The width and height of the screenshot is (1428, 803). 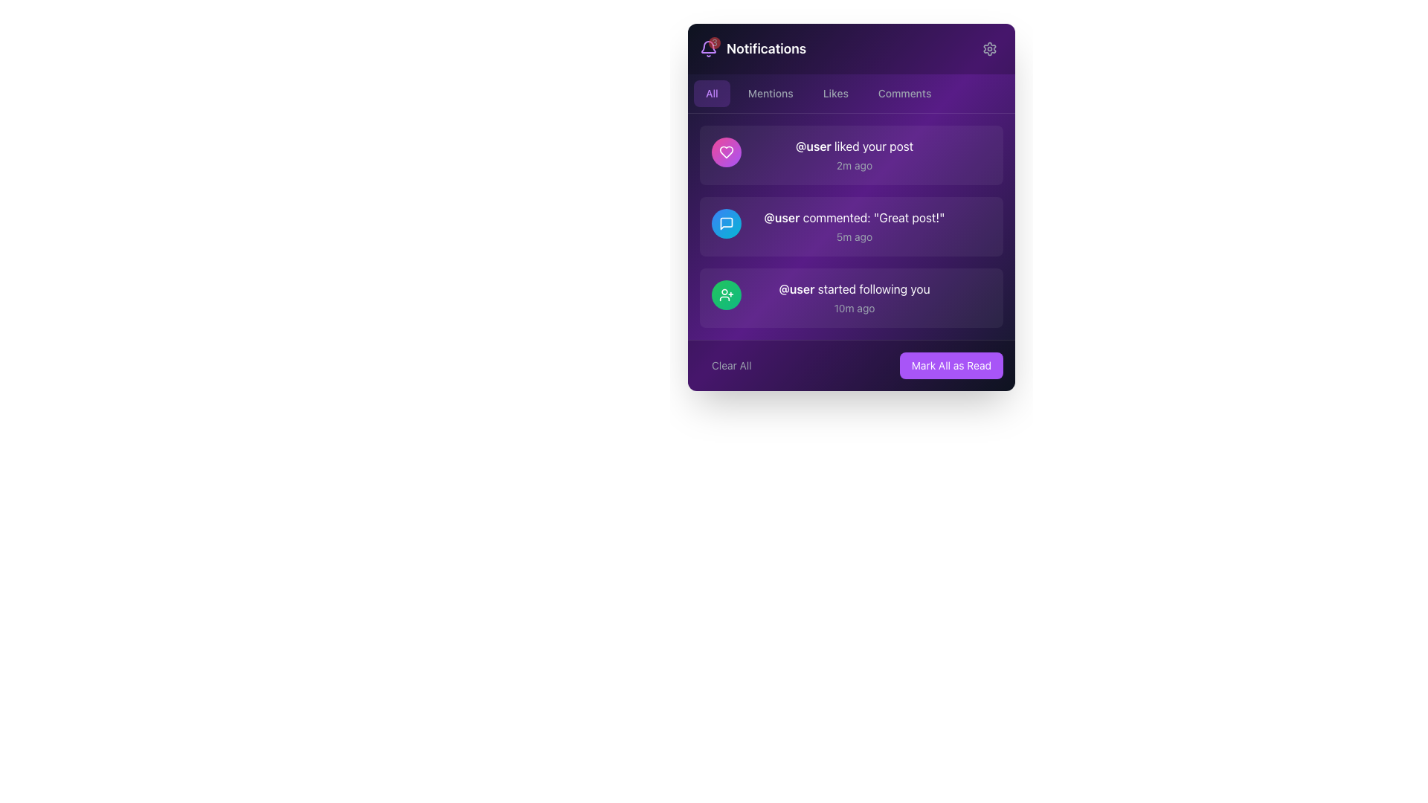 I want to click on the comment notification icon located in the left section of the second notification item, which precedes the text describing a comment by @user, so click(x=727, y=223).